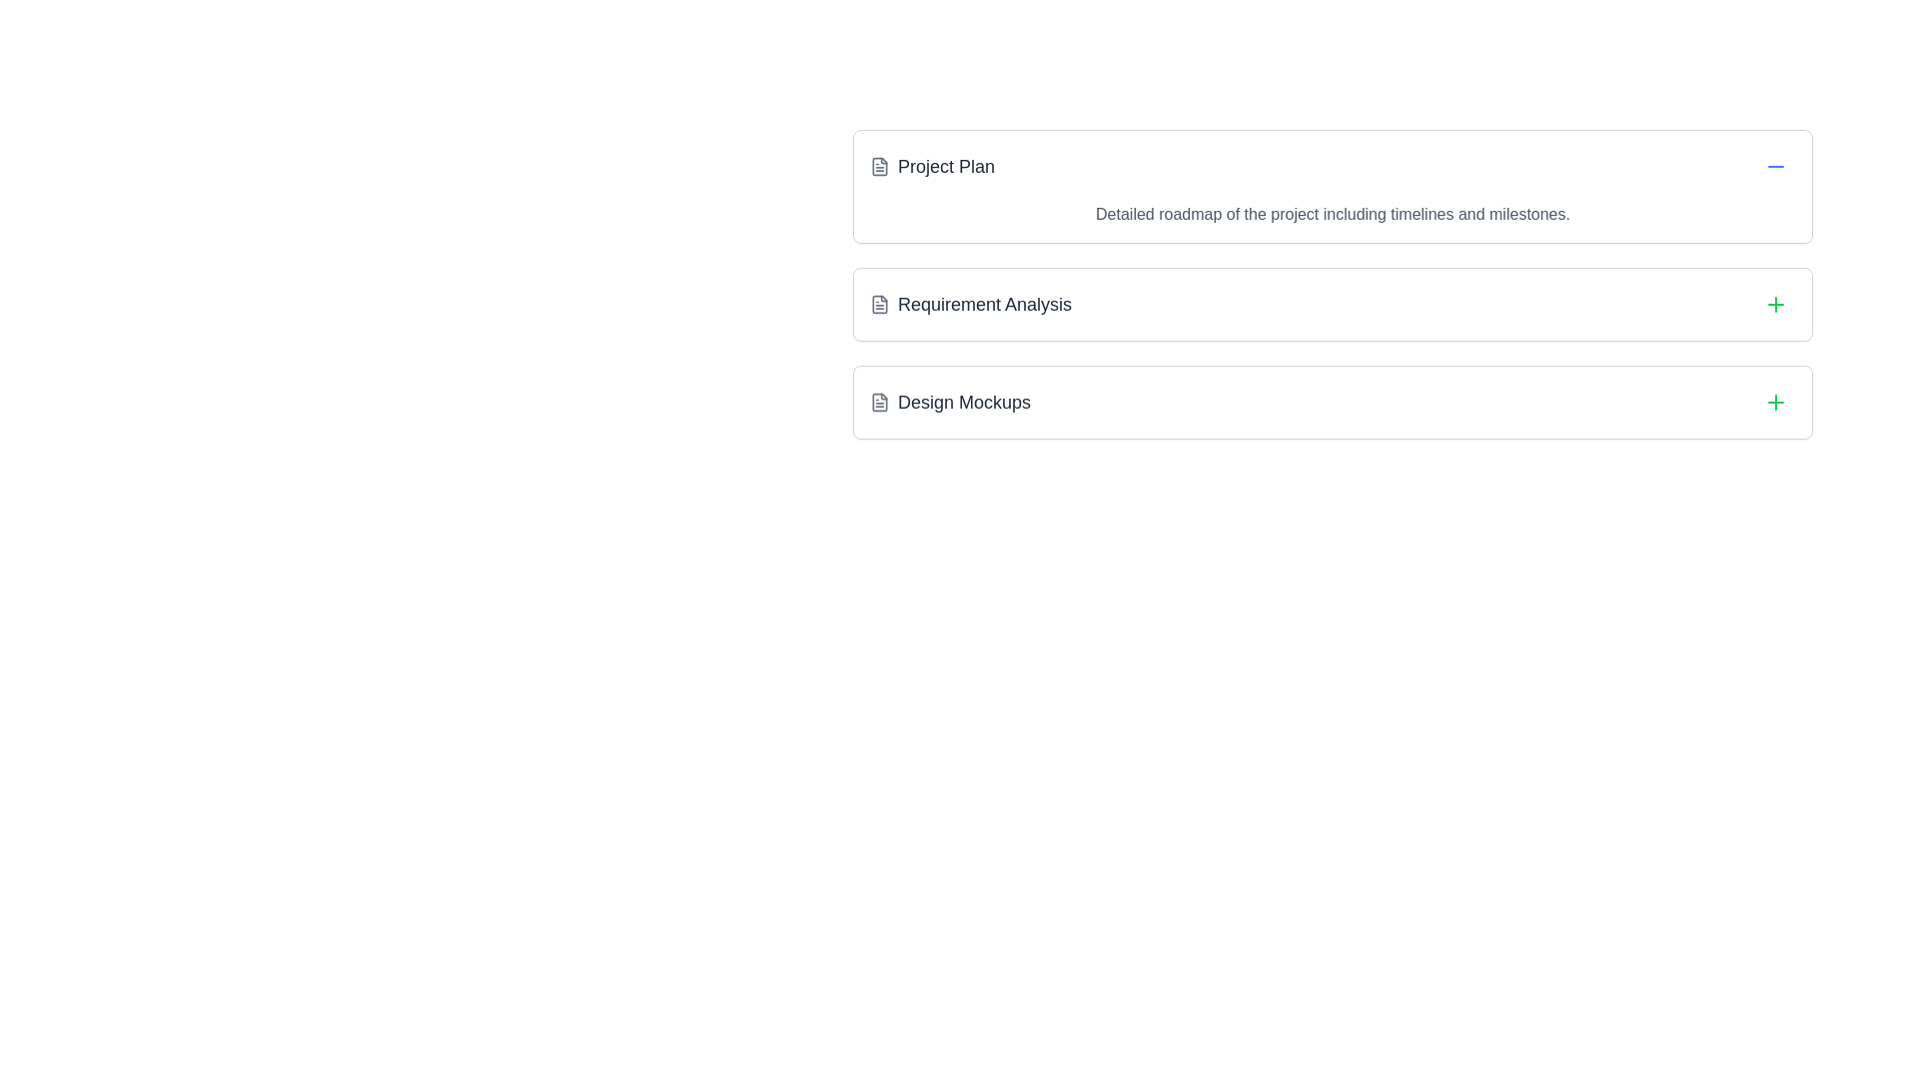 Image resolution: width=1918 pixels, height=1079 pixels. I want to click on the circular green '+' icon button located to the right of the 'Design Mockups' section for visual feedback, so click(1775, 304).